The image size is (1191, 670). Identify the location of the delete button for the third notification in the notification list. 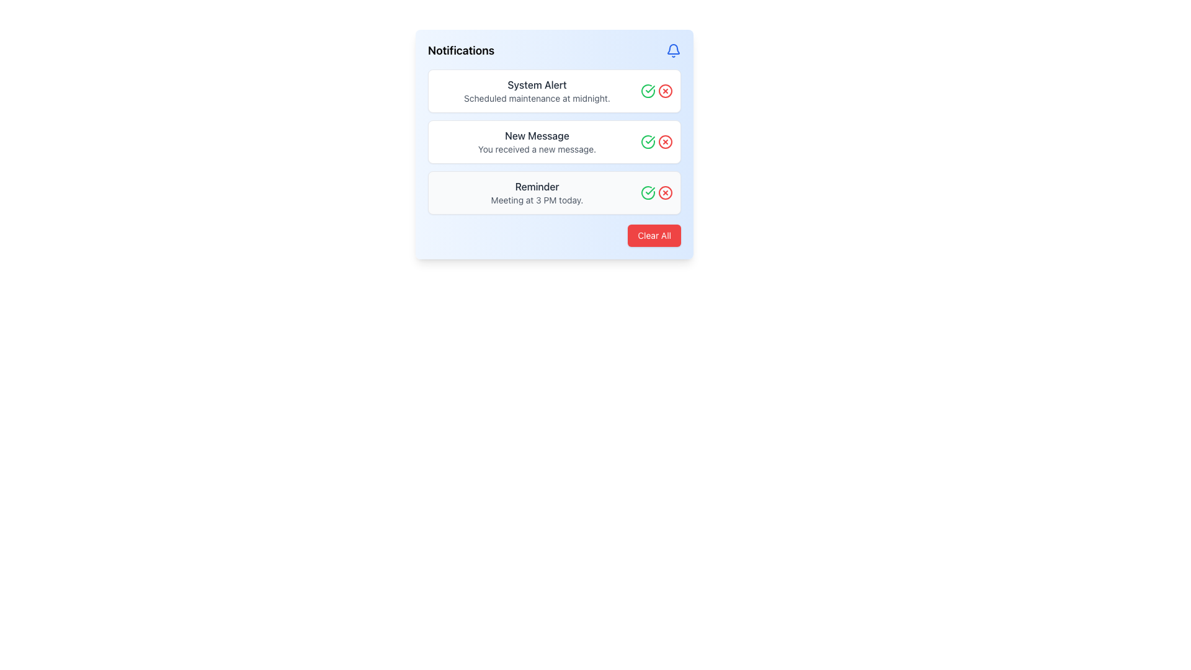
(665, 193).